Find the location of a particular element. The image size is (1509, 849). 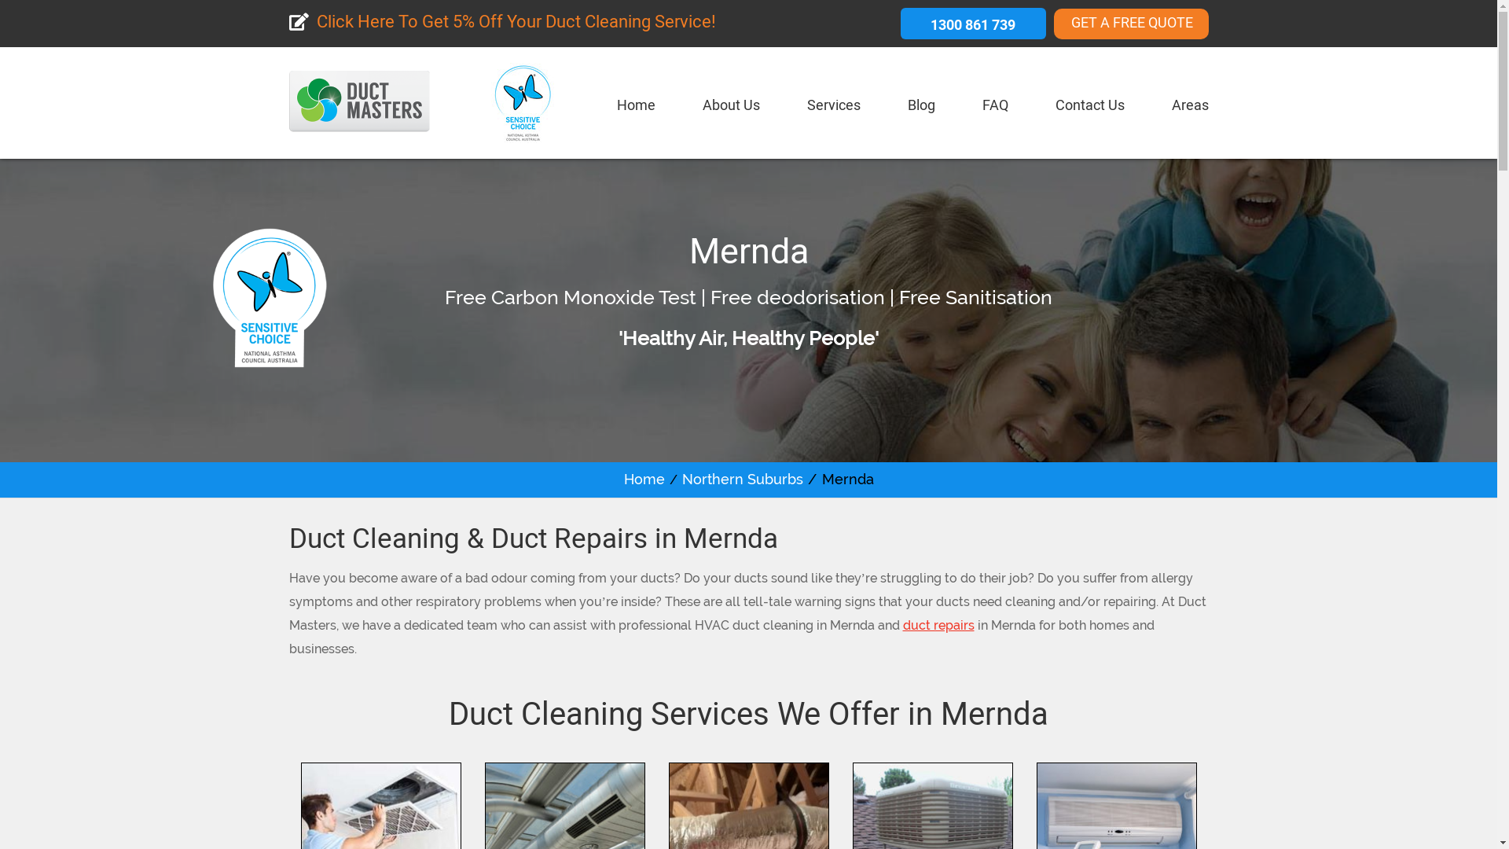

'Click Here To Get 5% Off Your Duct Cleaning Service!' is located at coordinates (501, 24).